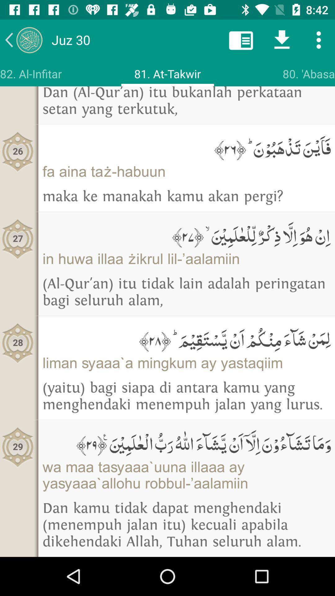  What do you see at coordinates (31, 74) in the screenshot?
I see `the 82. al-infitar app` at bounding box center [31, 74].